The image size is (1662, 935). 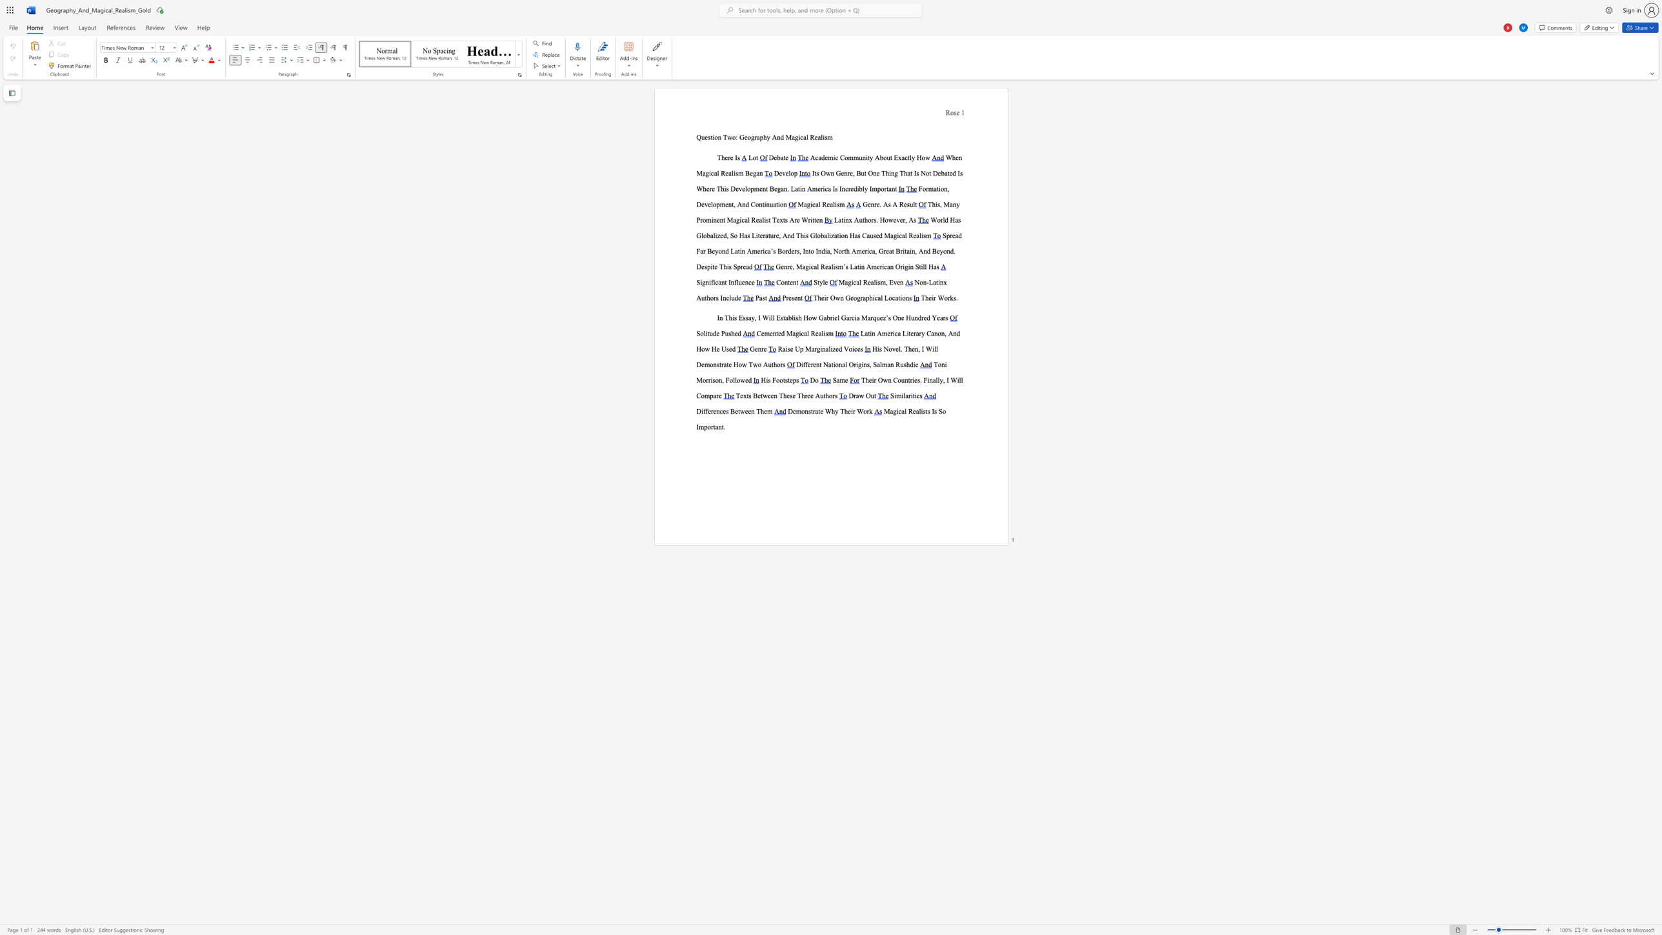 What do you see at coordinates (725, 204) in the screenshot?
I see `the subset text "ent" within the text "Formation, Development, And Continuation"` at bounding box center [725, 204].